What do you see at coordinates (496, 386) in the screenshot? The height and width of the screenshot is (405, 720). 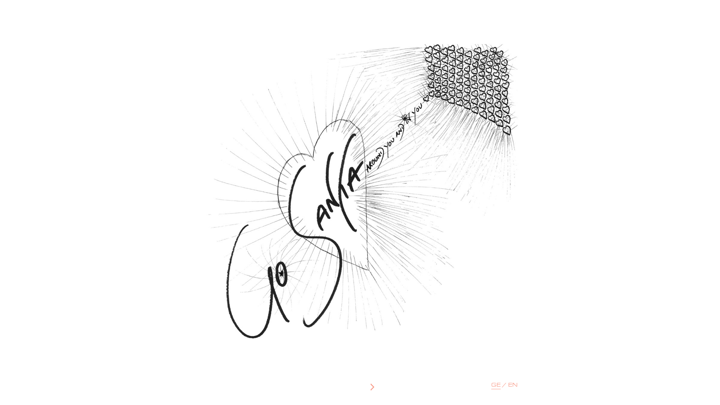 I see `'GE'` at bounding box center [496, 386].